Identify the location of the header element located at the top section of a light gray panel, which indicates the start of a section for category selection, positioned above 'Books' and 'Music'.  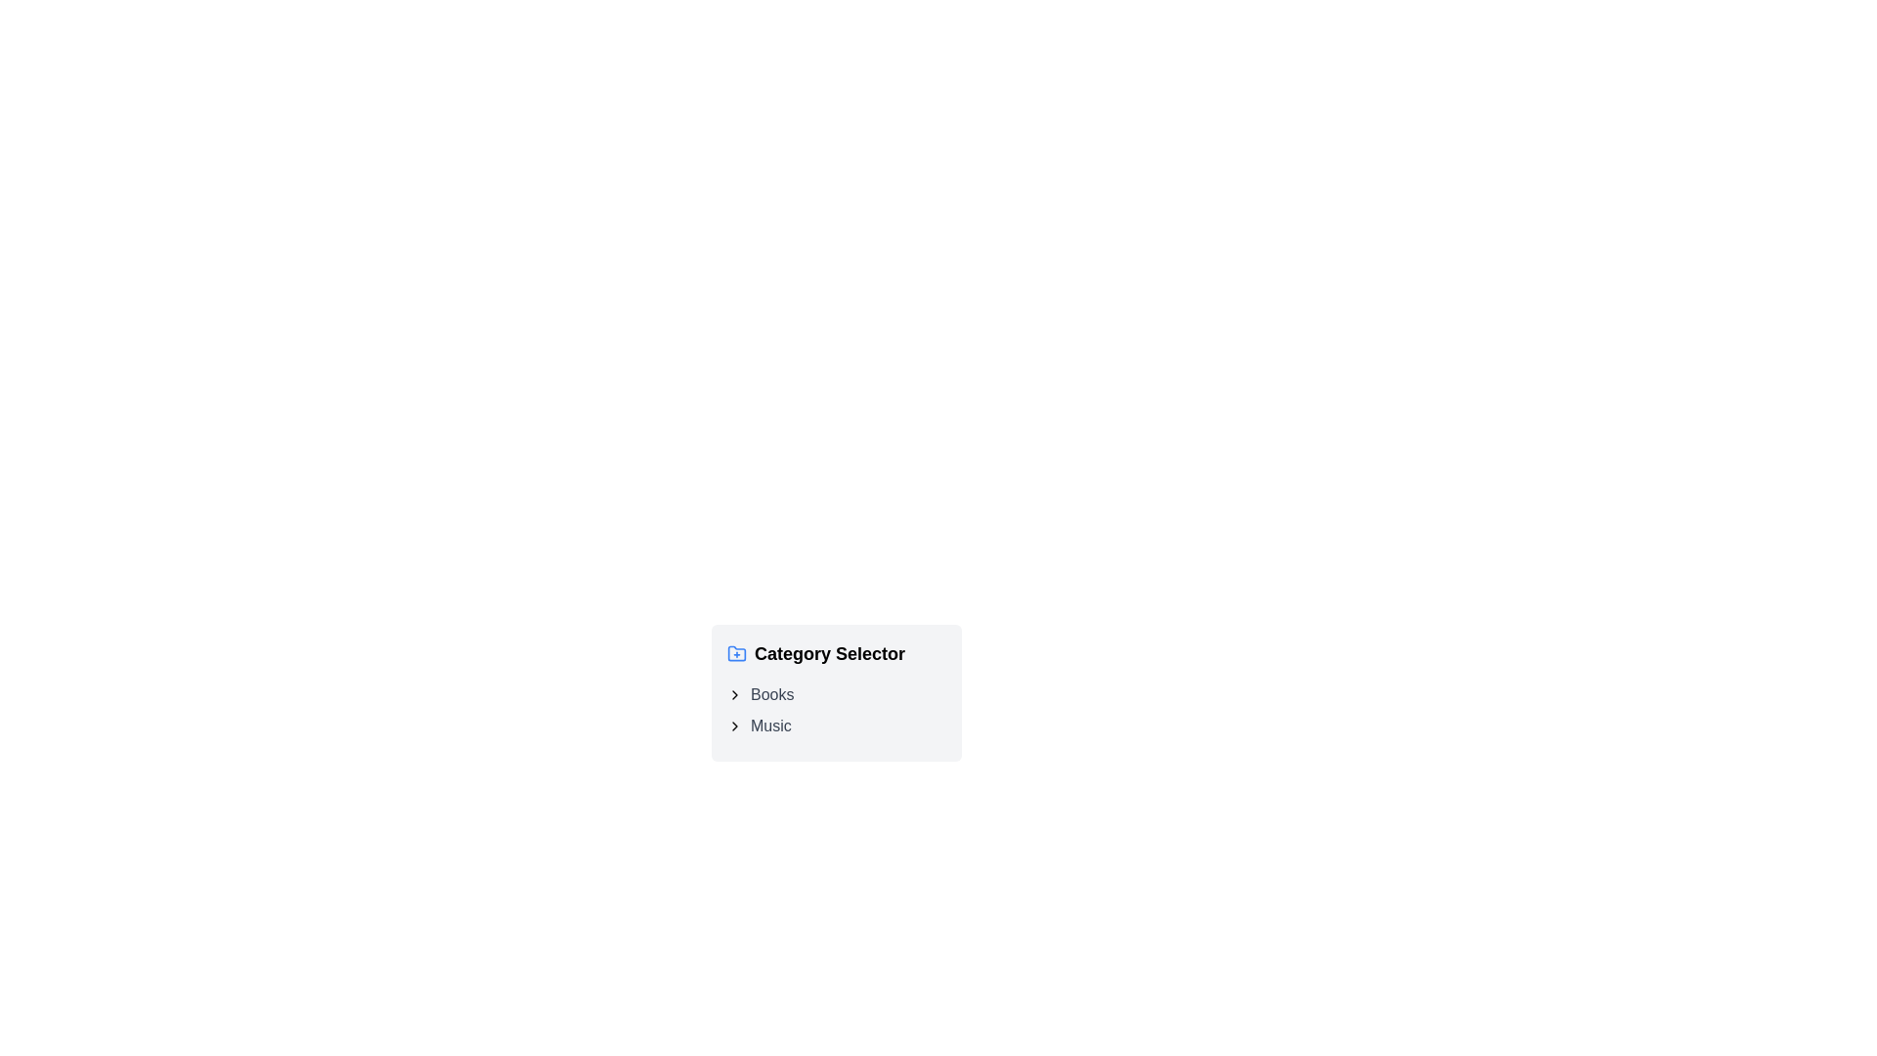
(836, 653).